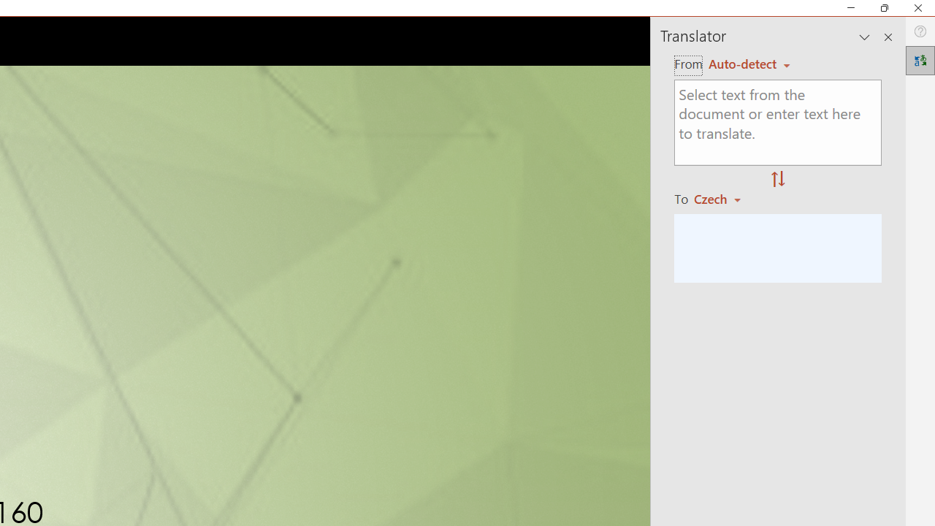 The width and height of the screenshot is (935, 526). I want to click on 'Swap "from" and "to" languages.', so click(777, 178).